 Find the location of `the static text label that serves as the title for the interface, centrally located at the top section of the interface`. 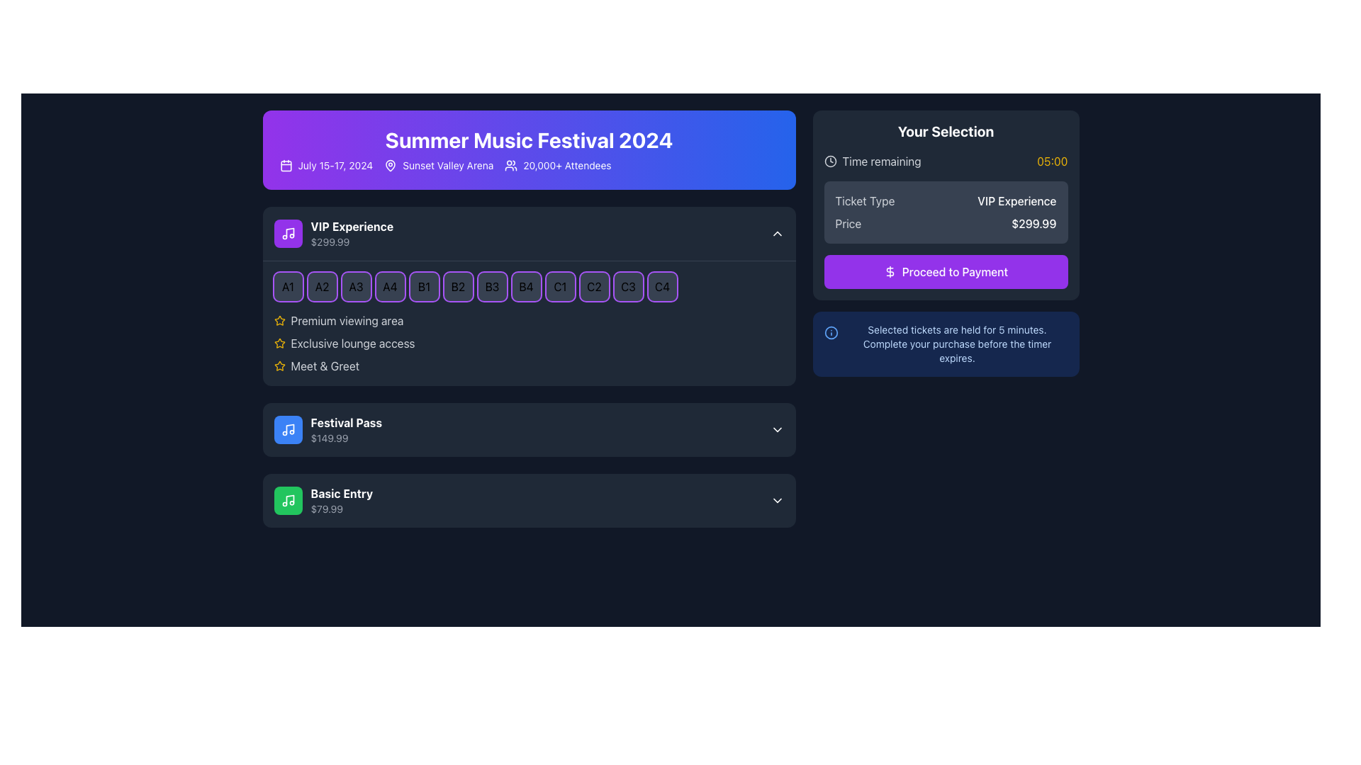

the static text label that serves as the title for the interface, centrally located at the top section of the interface is located at coordinates (528, 140).